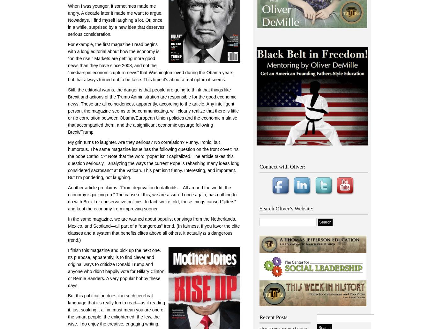  Describe the element at coordinates (286, 208) in the screenshot. I see `'Search Oliver’s Website:'` at that location.